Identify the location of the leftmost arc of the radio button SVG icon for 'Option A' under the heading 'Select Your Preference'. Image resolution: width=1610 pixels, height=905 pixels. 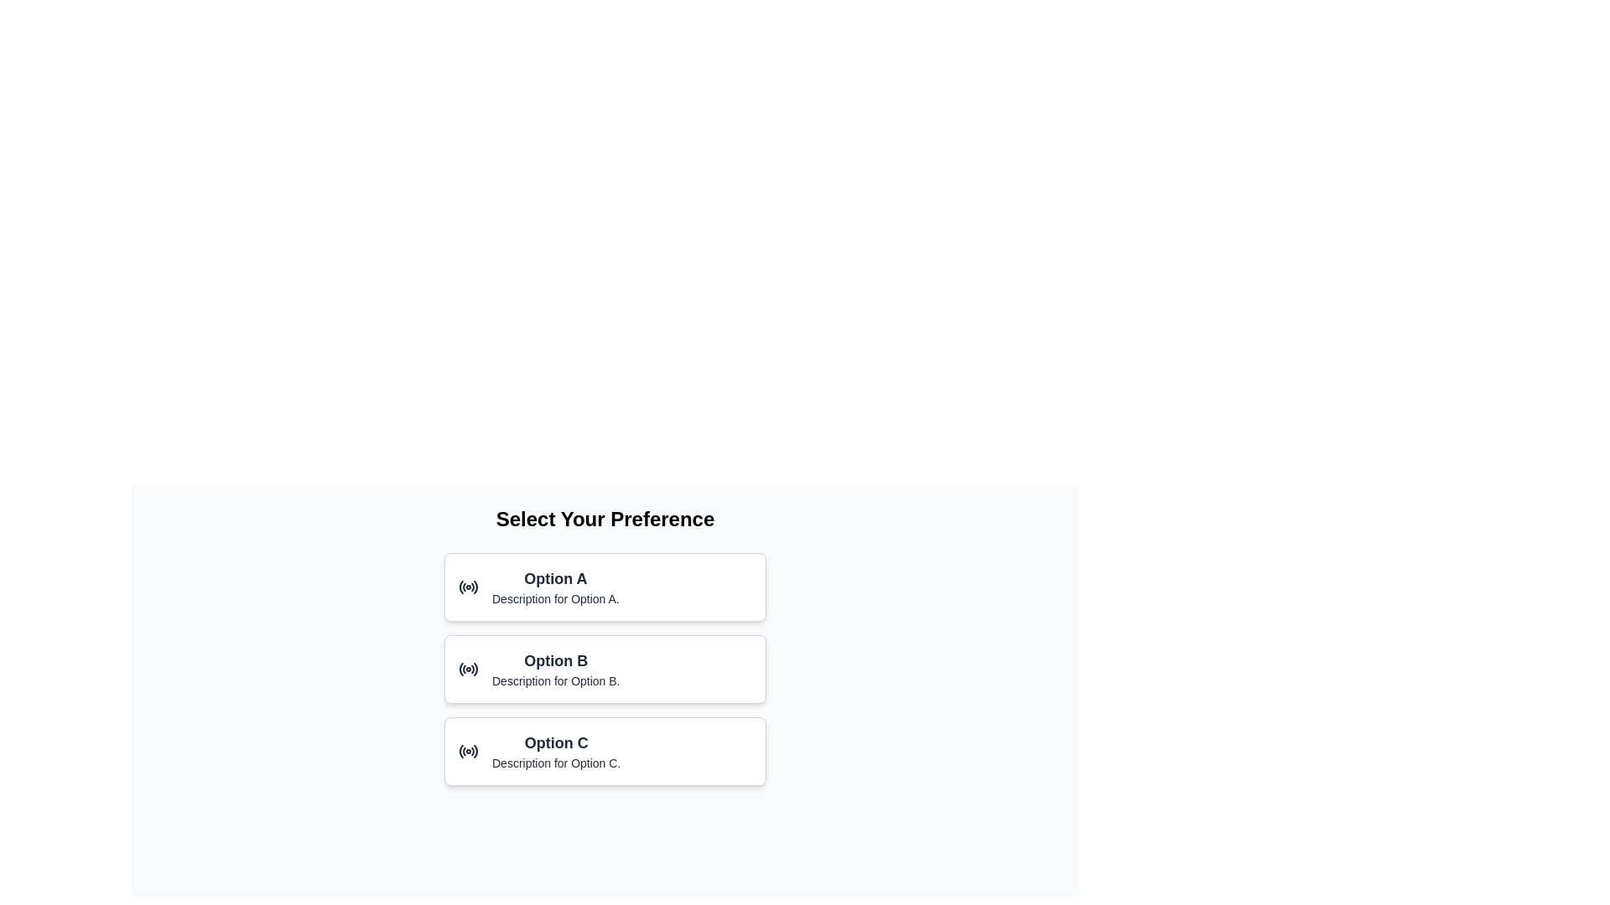
(461, 587).